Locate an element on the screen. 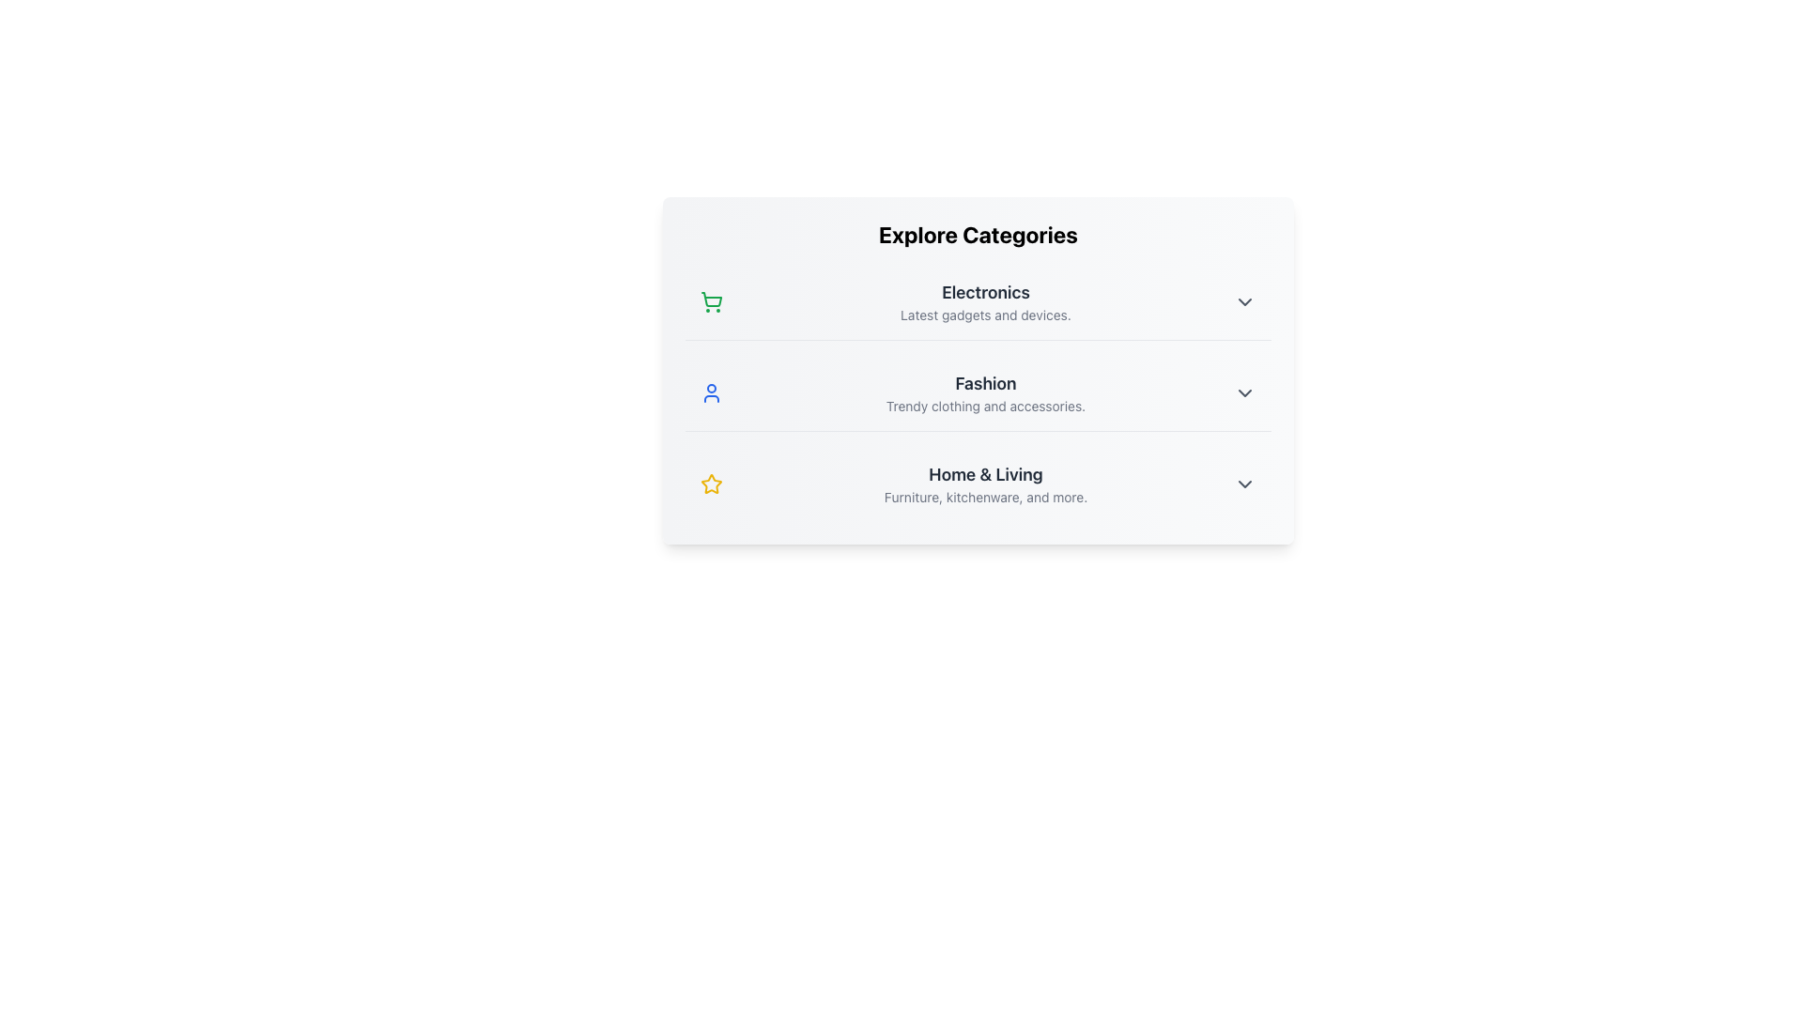 The height and width of the screenshot is (1014, 1803). the icon on the right side of the 'Fashion' section is located at coordinates (1244, 392).